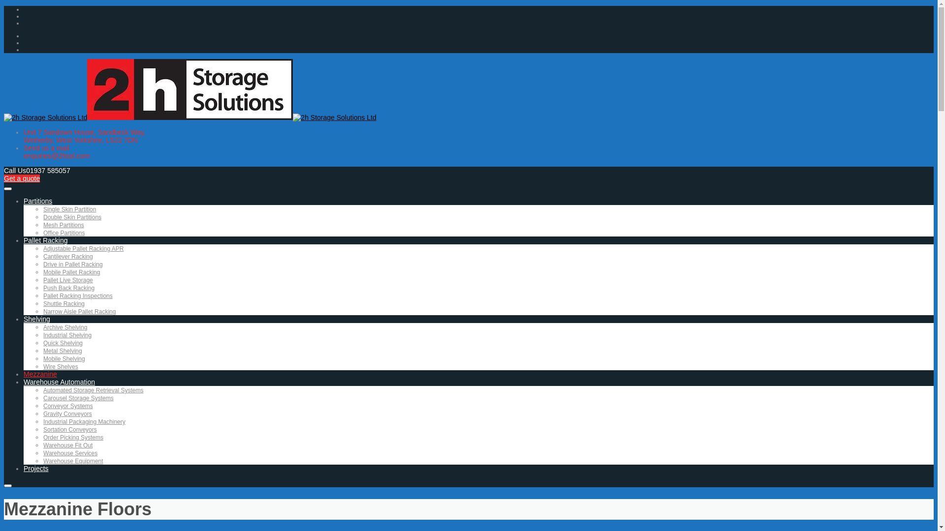  What do you see at coordinates (67, 413) in the screenshot?
I see `'Gravity Conveyors'` at bounding box center [67, 413].